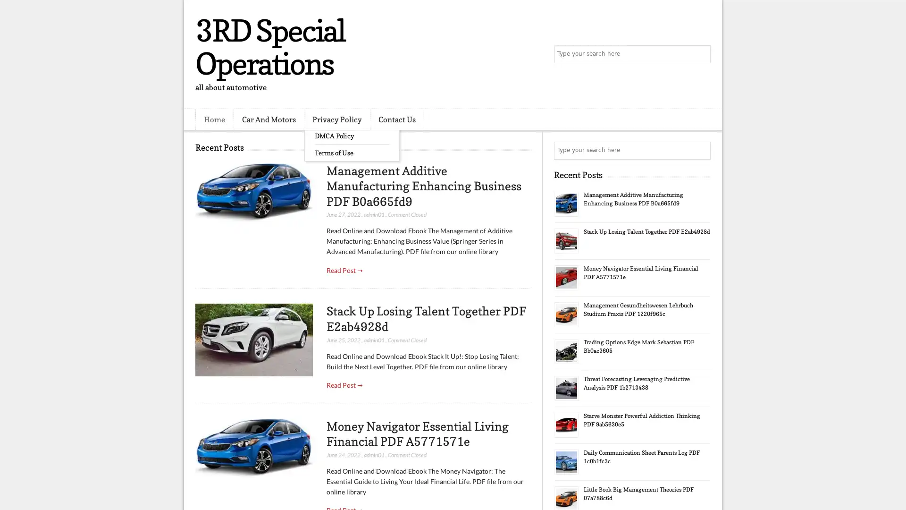 The image size is (906, 510). I want to click on Search, so click(701, 150).